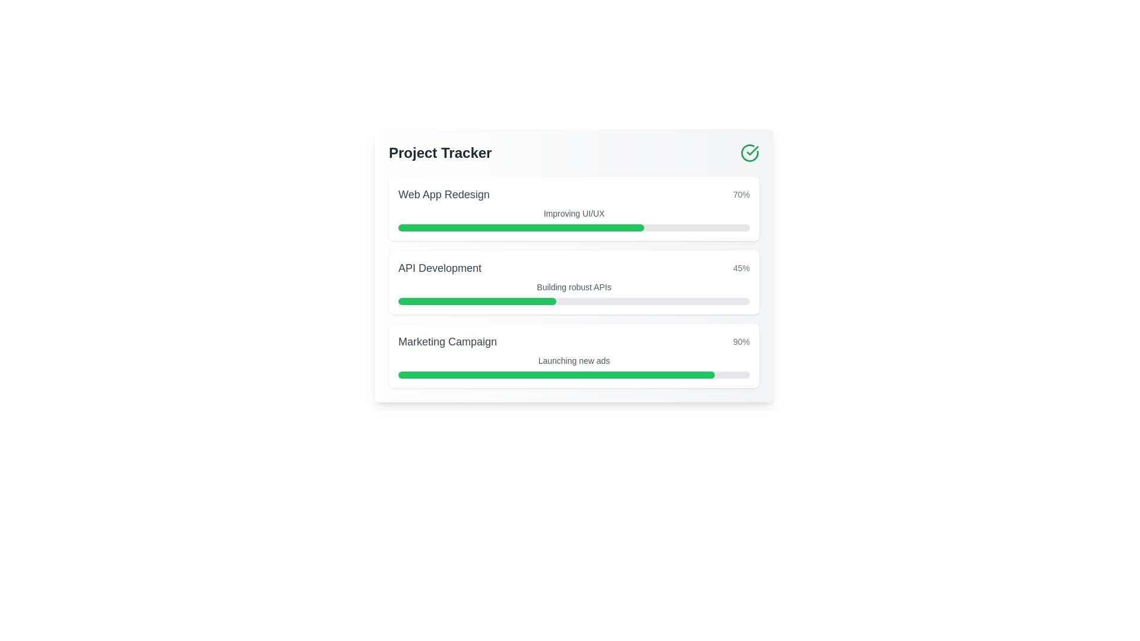 The image size is (1140, 641). Describe the element at coordinates (740, 341) in the screenshot. I see `content displayed in the progress percentage text element located at the right edge of the 'Marketing Campaign' section, adjacent to the larger text 'Marketing Campaign'` at that location.